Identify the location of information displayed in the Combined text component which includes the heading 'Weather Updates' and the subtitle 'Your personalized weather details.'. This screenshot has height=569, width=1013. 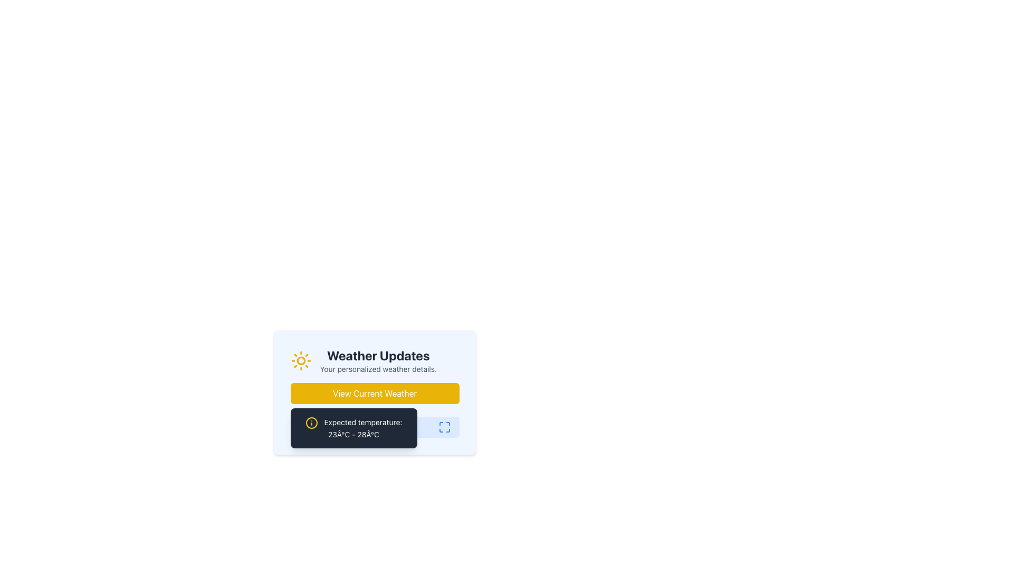
(378, 360).